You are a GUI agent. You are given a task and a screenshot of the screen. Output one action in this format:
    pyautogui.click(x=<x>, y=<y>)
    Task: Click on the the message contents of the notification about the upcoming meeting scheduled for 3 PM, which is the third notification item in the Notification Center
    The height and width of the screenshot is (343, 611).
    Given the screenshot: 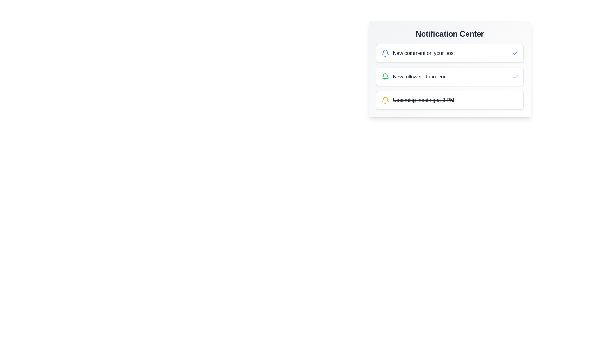 What is the action you would take?
    pyautogui.click(x=418, y=100)
    